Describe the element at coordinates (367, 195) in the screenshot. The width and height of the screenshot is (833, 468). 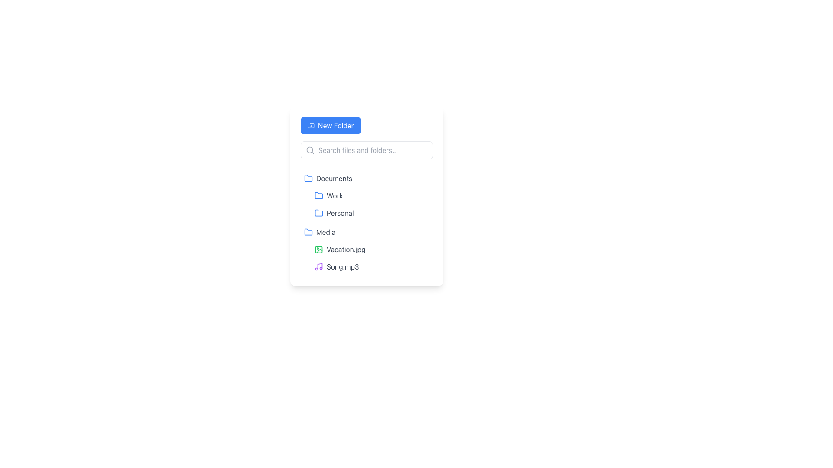
I see `the 'Work' folder entry` at that location.